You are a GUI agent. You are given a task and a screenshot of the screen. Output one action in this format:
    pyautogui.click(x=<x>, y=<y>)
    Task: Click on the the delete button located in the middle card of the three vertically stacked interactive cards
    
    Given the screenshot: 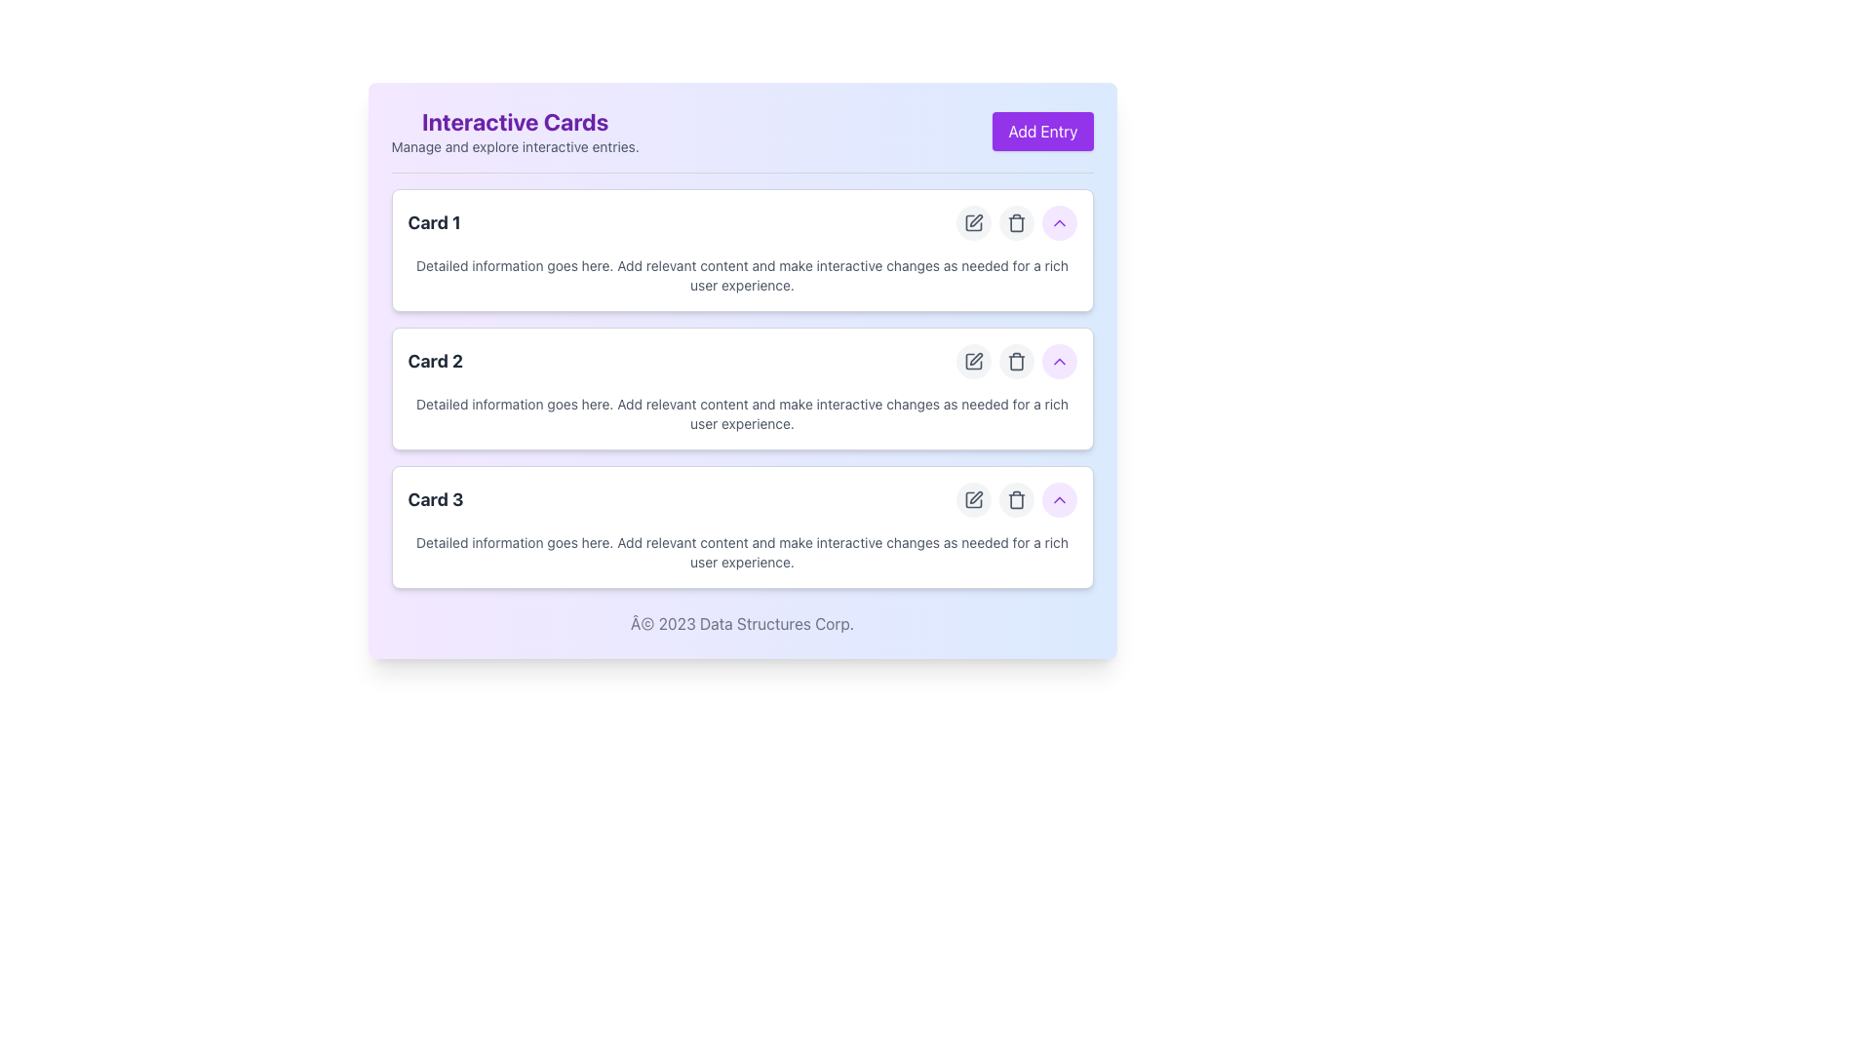 What is the action you would take?
    pyautogui.click(x=1015, y=361)
    